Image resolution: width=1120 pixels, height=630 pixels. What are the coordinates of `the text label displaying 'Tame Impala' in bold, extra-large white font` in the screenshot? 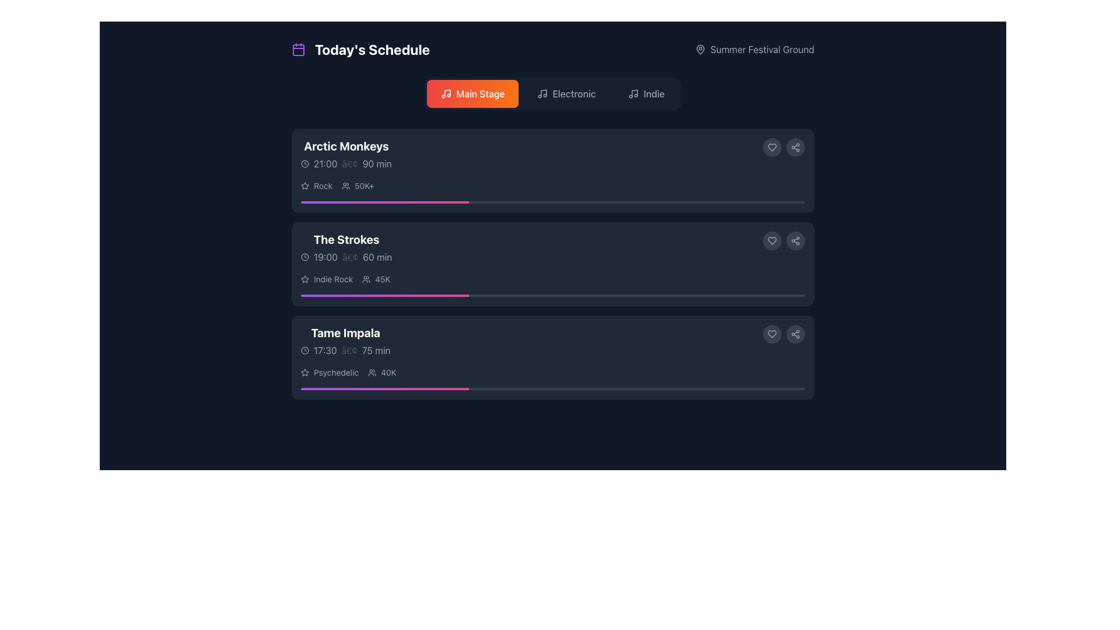 It's located at (345, 332).